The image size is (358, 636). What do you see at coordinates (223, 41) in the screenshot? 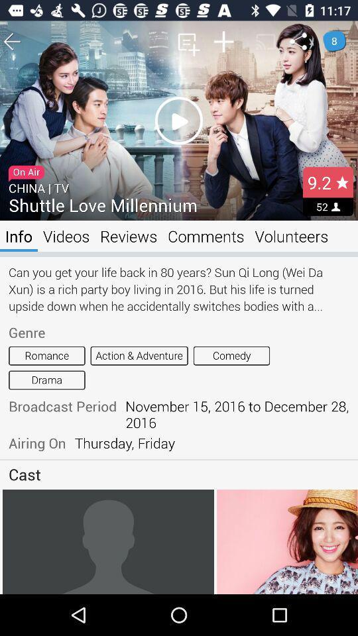
I see `the add icon` at bounding box center [223, 41].